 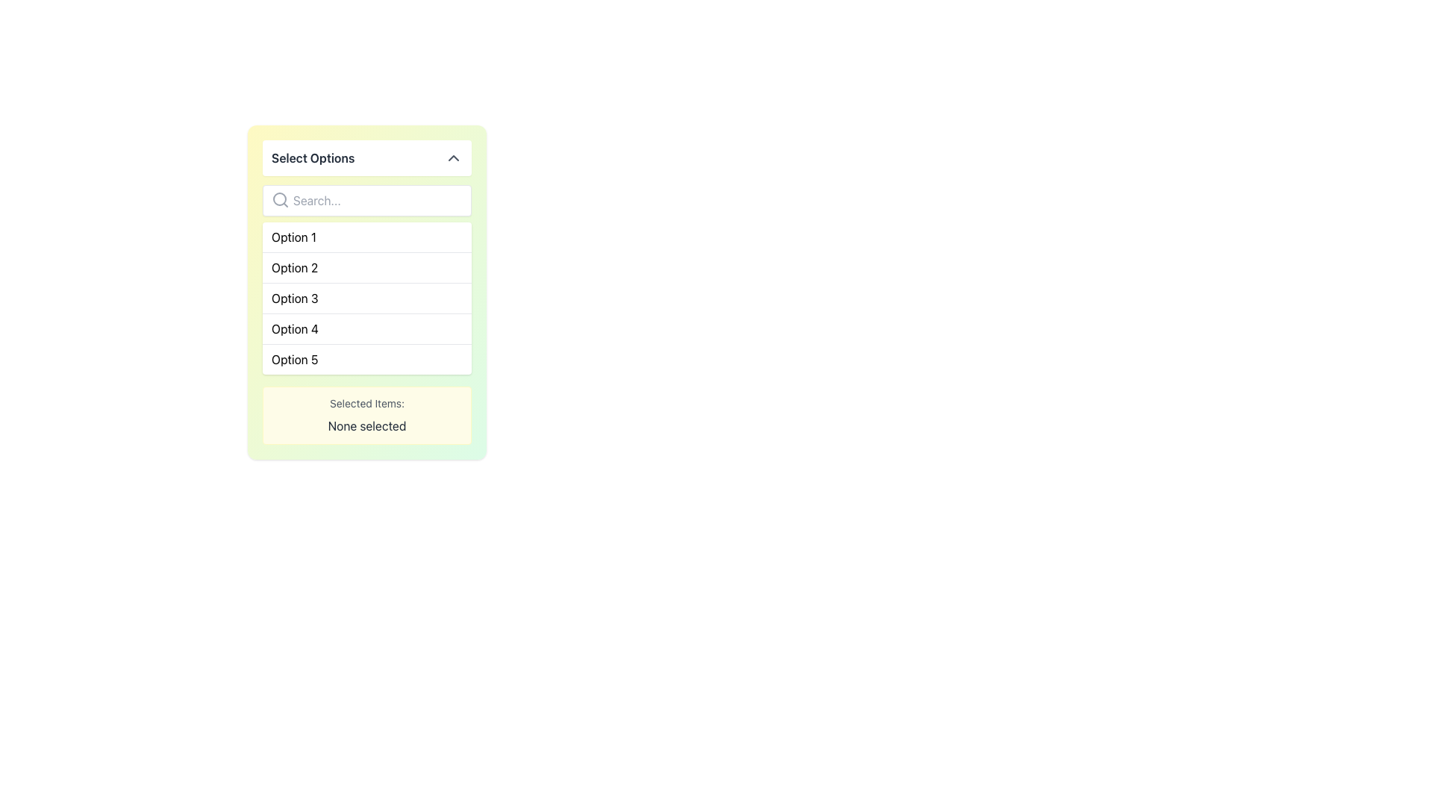 What do you see at coordinates (295, 360) in the screenshot?
I see `the fifth selectable option in the dropdown list, which is located below 'Option 4' and above 'Selected Items: None selected.'` at bounding box center [295, 360].